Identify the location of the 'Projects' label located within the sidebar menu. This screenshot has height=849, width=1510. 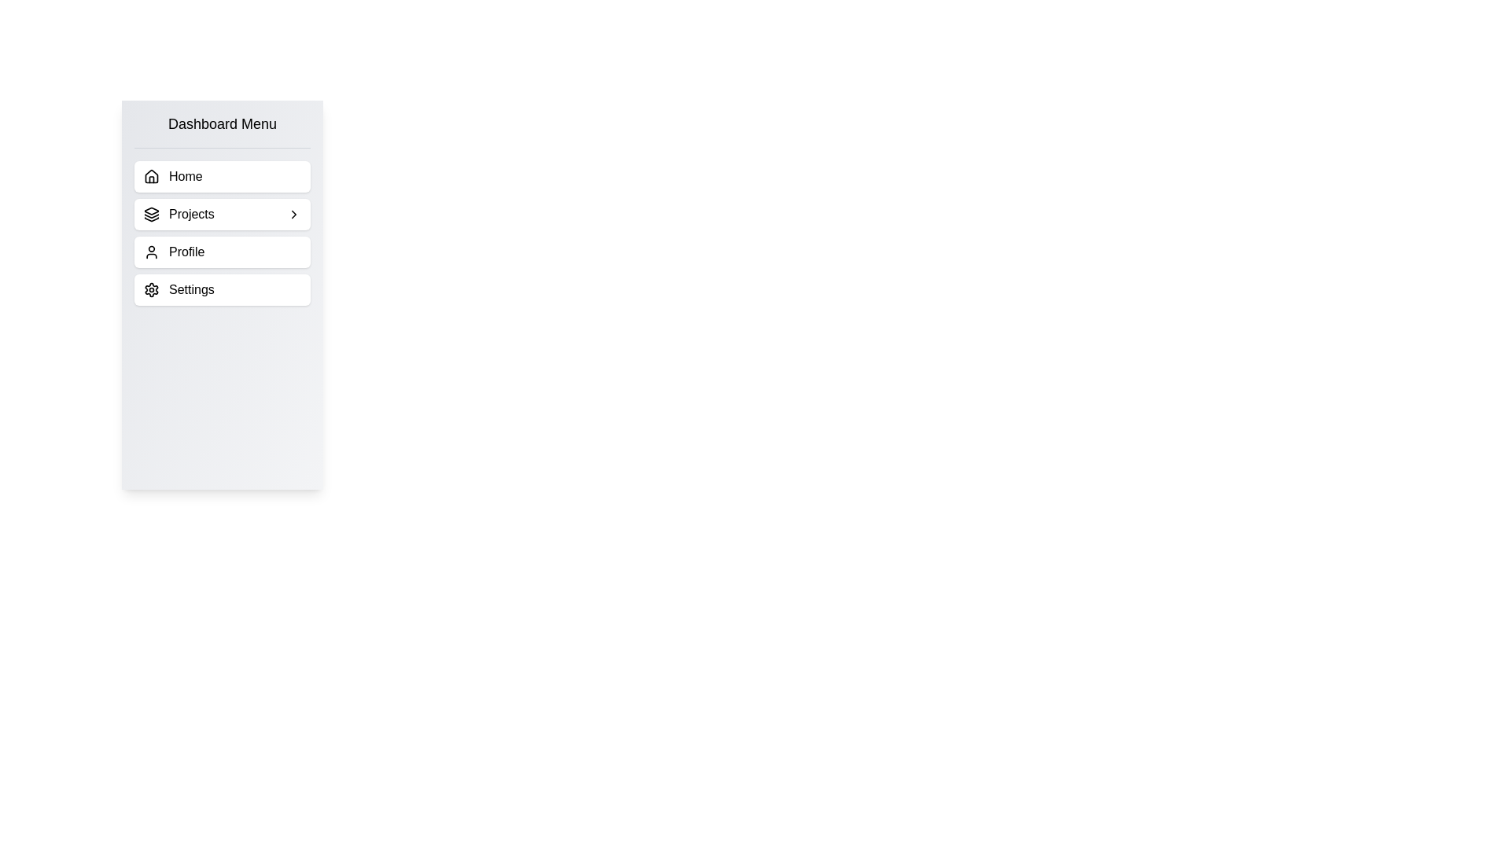
(190, 215).